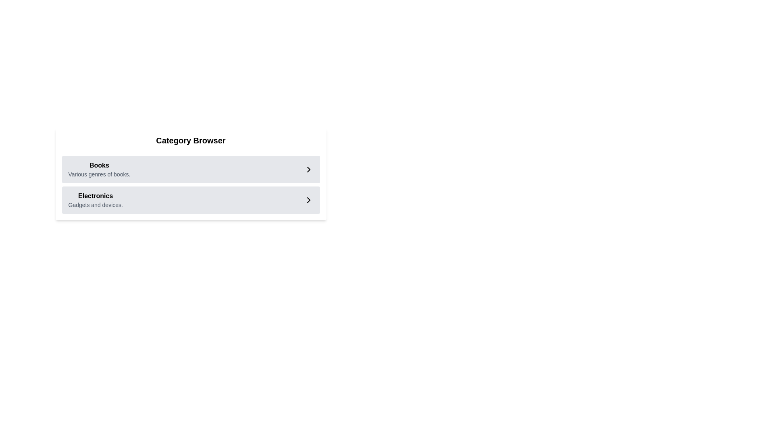  What do you see at coordinates (99, 165) in the screenshot?
I see `the 'Books' text label, which is a bold category heading within a light gray background` at bounding box center [99, 165].